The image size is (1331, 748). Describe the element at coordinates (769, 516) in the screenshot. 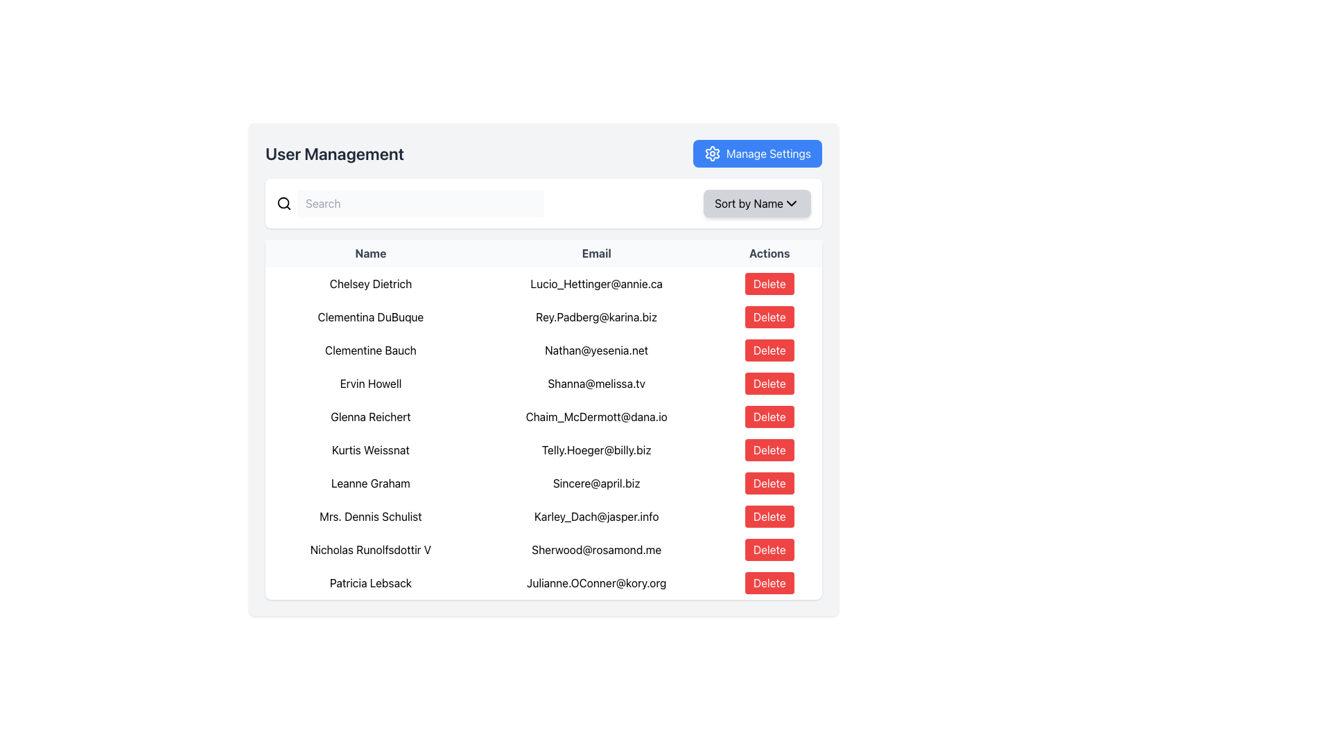

I see `the 'Delete' button with a red background and white text in the Actions column of the table, associated with the email 'Karley_Dach@jasper.info'` at that location.